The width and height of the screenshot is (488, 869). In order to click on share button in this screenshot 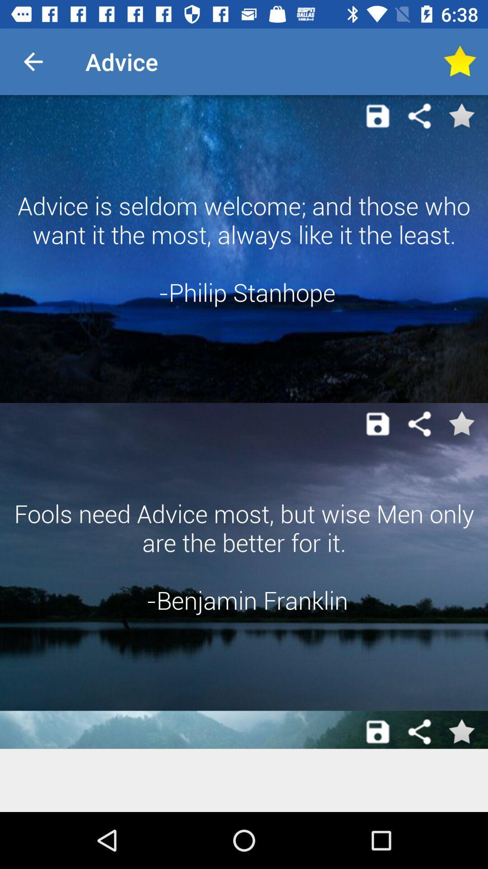, I will do `click(419, 423)`.